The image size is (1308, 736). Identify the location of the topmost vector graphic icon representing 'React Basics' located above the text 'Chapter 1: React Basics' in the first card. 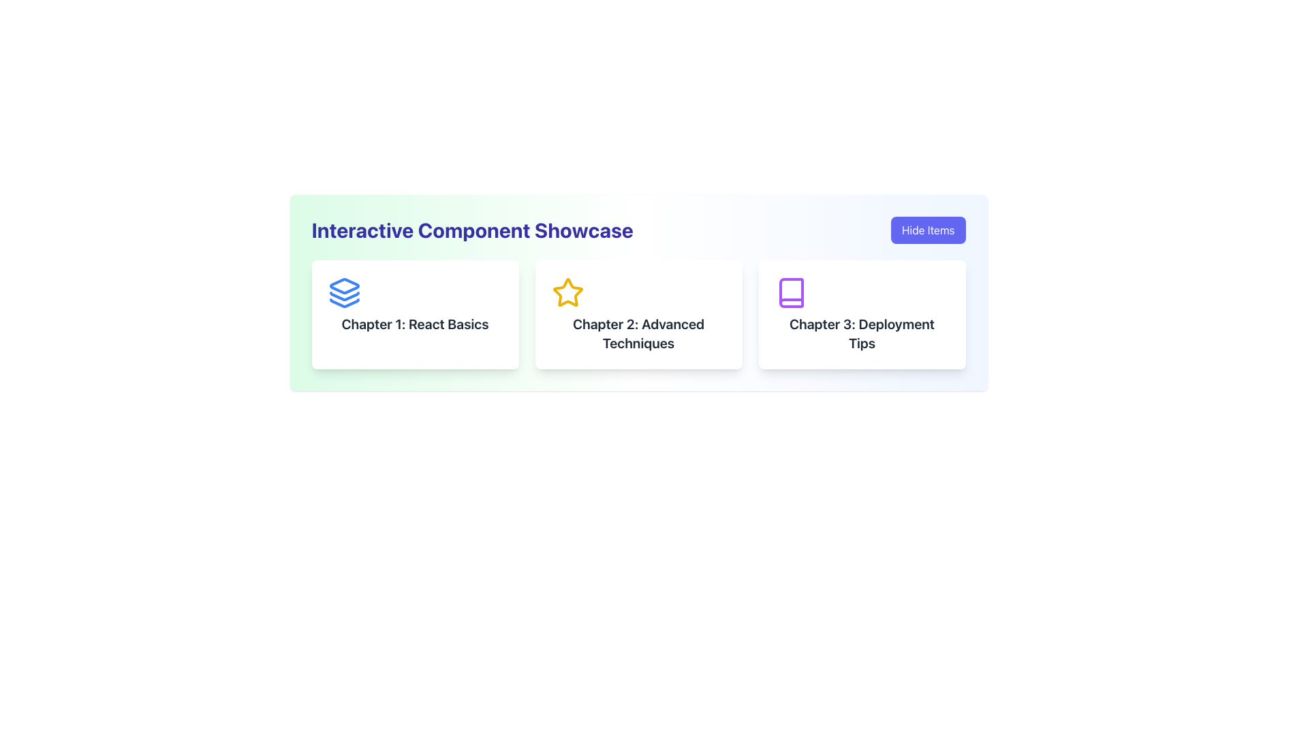
(344, 286).